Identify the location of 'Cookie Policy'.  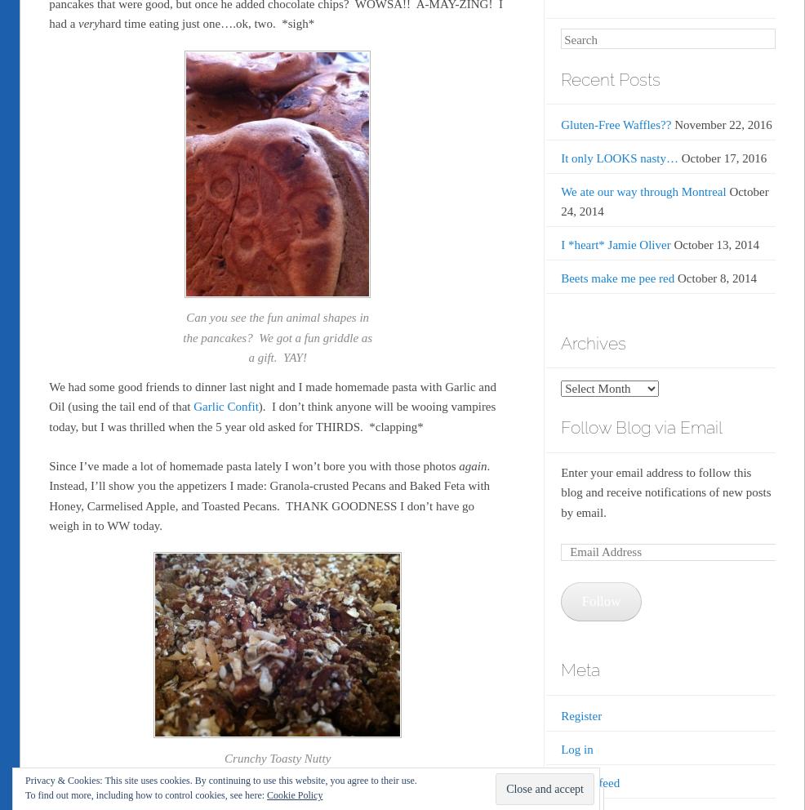
(293, 795).